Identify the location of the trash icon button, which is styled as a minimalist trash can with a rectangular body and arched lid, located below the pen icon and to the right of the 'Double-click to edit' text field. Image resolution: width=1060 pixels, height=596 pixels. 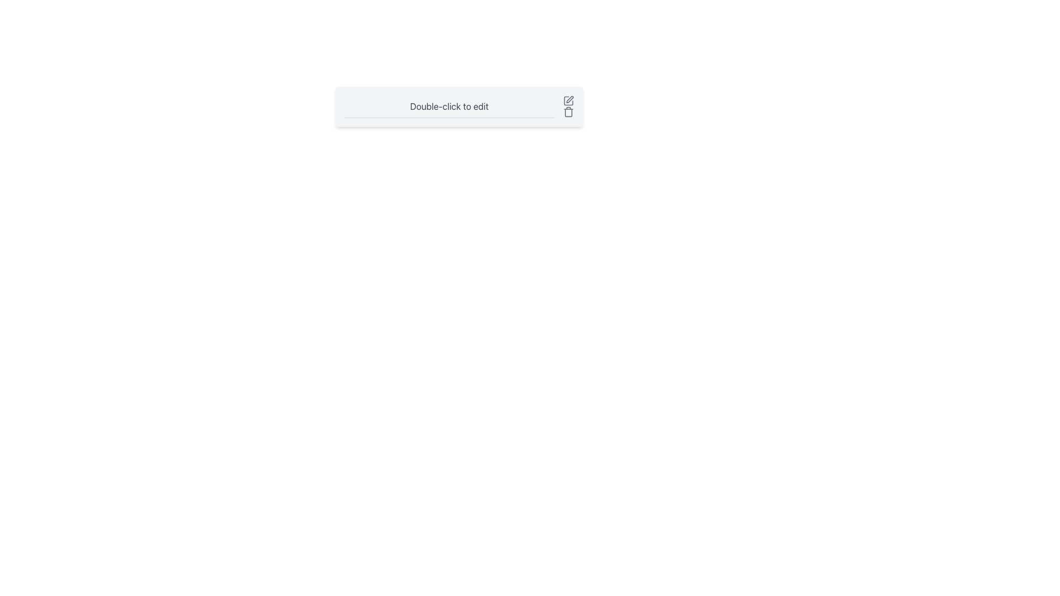
(569, 112).